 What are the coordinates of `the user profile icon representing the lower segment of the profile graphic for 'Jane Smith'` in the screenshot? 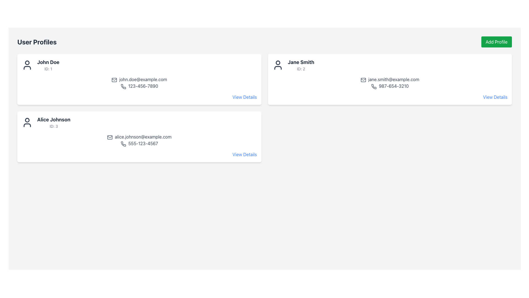 It's located at (278, 68).